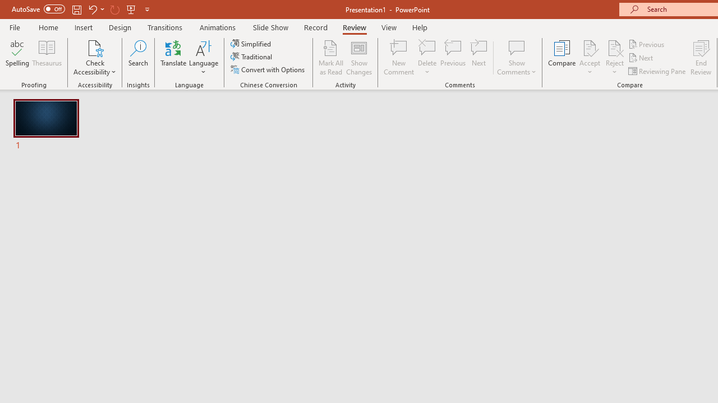  What do you see at coordinates (330, 58) in the screenshot?
I see `'Mark All as Read'` at bounding box center [330, 58].